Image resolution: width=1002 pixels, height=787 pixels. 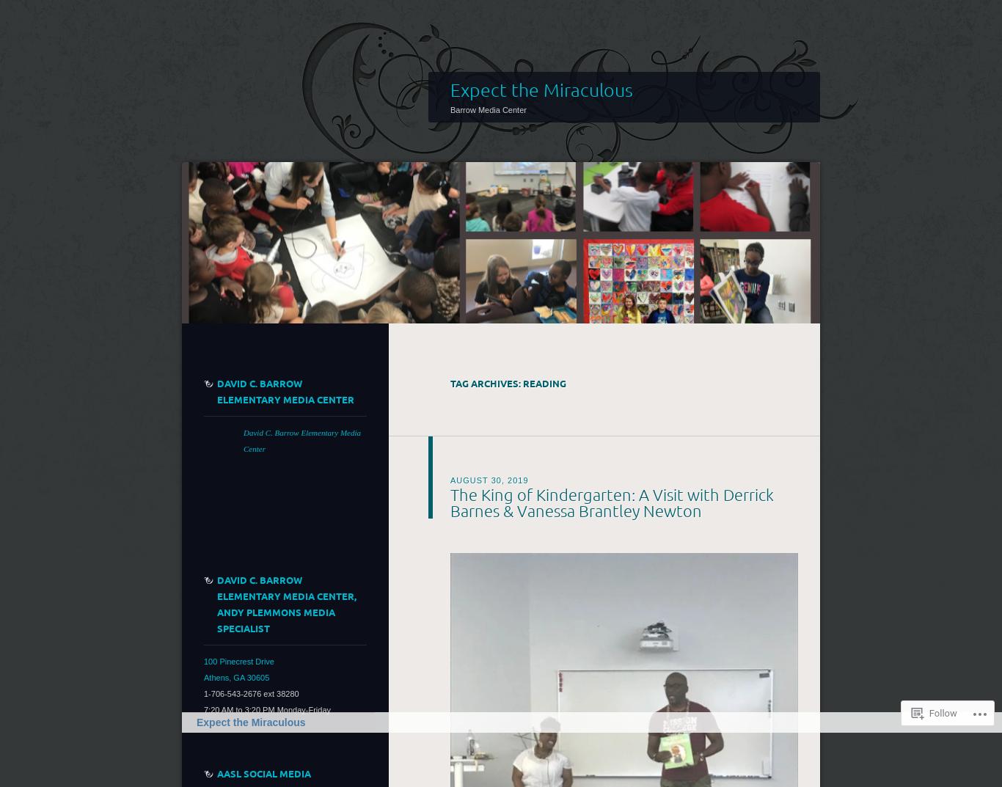 What do you see at coordinates (611, 502) in the screenshot?
I see `'The King of Kindergarten: A Visit with Derrick Barnes & Vanessa Brantley Newton'` at bounding box center [611, 502].